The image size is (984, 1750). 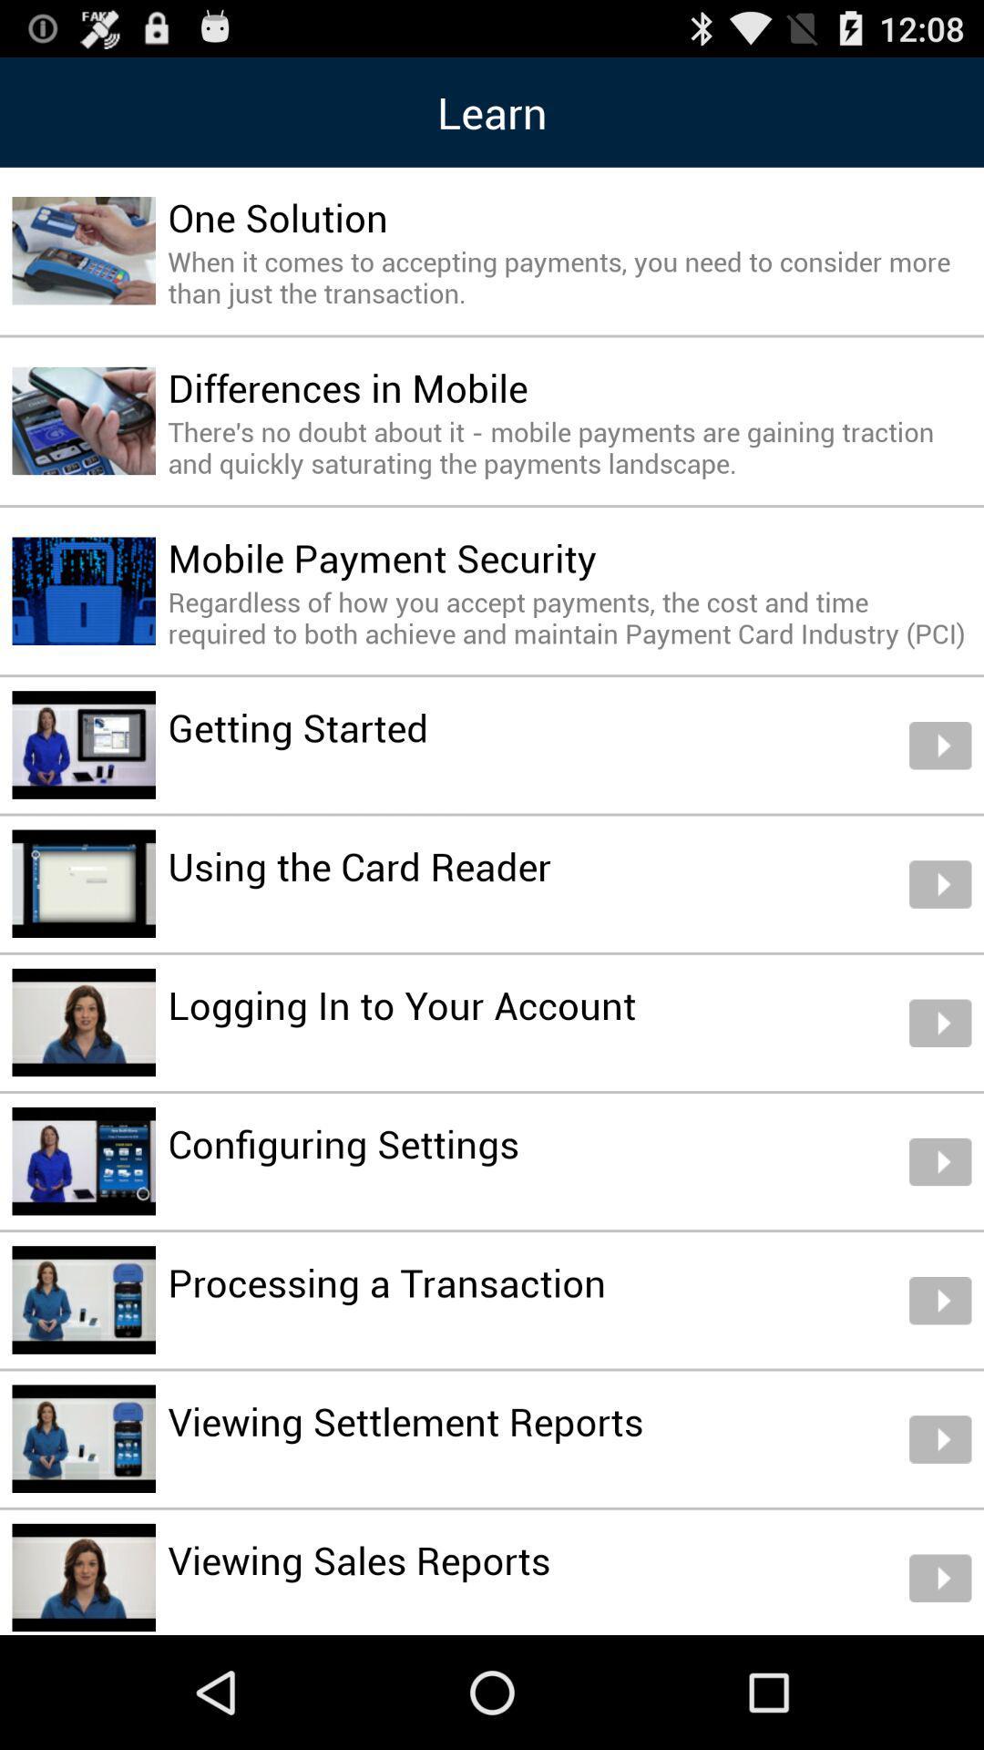 I want to click on icon below differences in mobile icon, so click(x=569, y=447).